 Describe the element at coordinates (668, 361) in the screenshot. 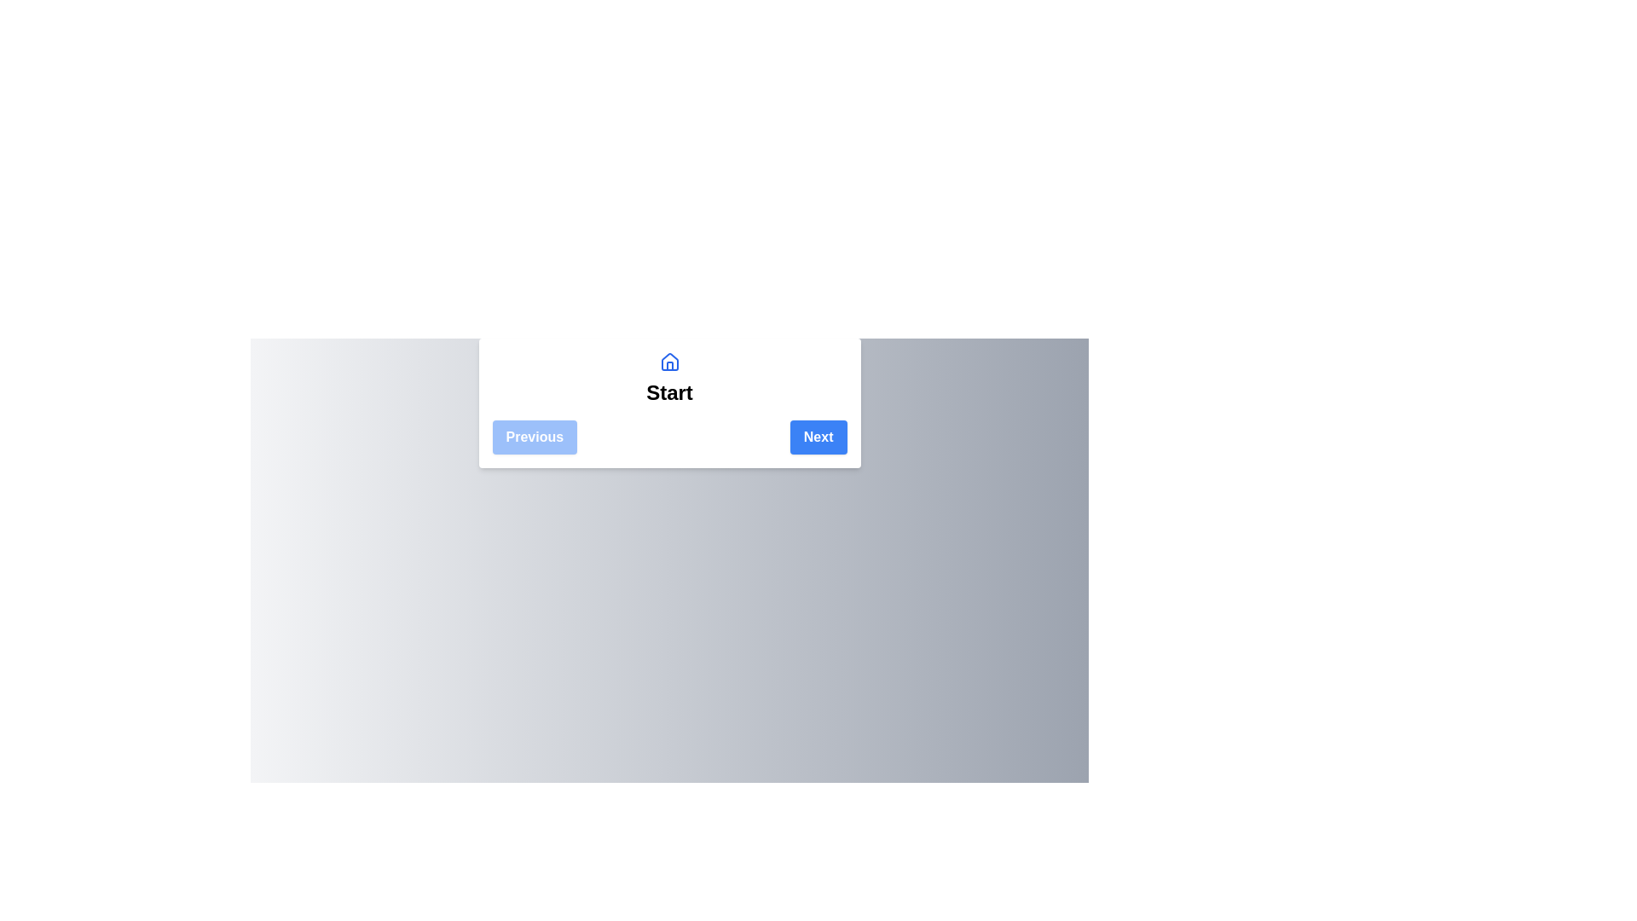

I see `the small house-shaped icon with blue strokes situated above the 'Start' text label, which is centrally aligned within the panel` at that location.